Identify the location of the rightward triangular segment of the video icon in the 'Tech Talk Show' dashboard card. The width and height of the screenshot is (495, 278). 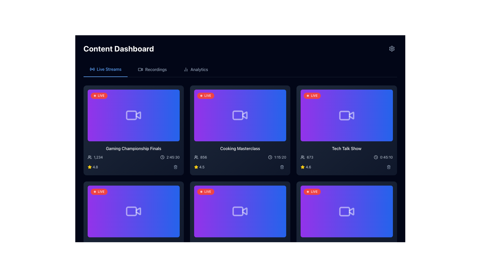
(351, 115).